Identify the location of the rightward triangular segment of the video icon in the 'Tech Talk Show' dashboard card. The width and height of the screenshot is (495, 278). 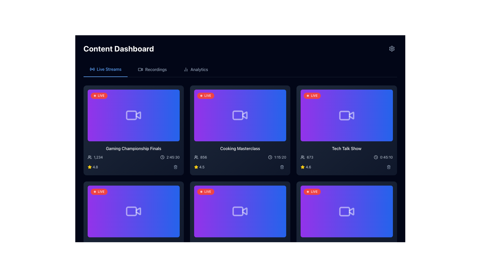
(351, 115).